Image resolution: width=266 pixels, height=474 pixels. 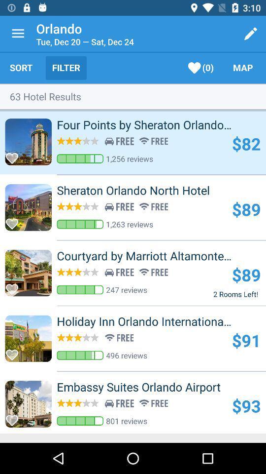 What do you see at coordinates (161, 321) in the screenshot?
I see `the holiday inn orlando item` at bounding box center [161, 321].